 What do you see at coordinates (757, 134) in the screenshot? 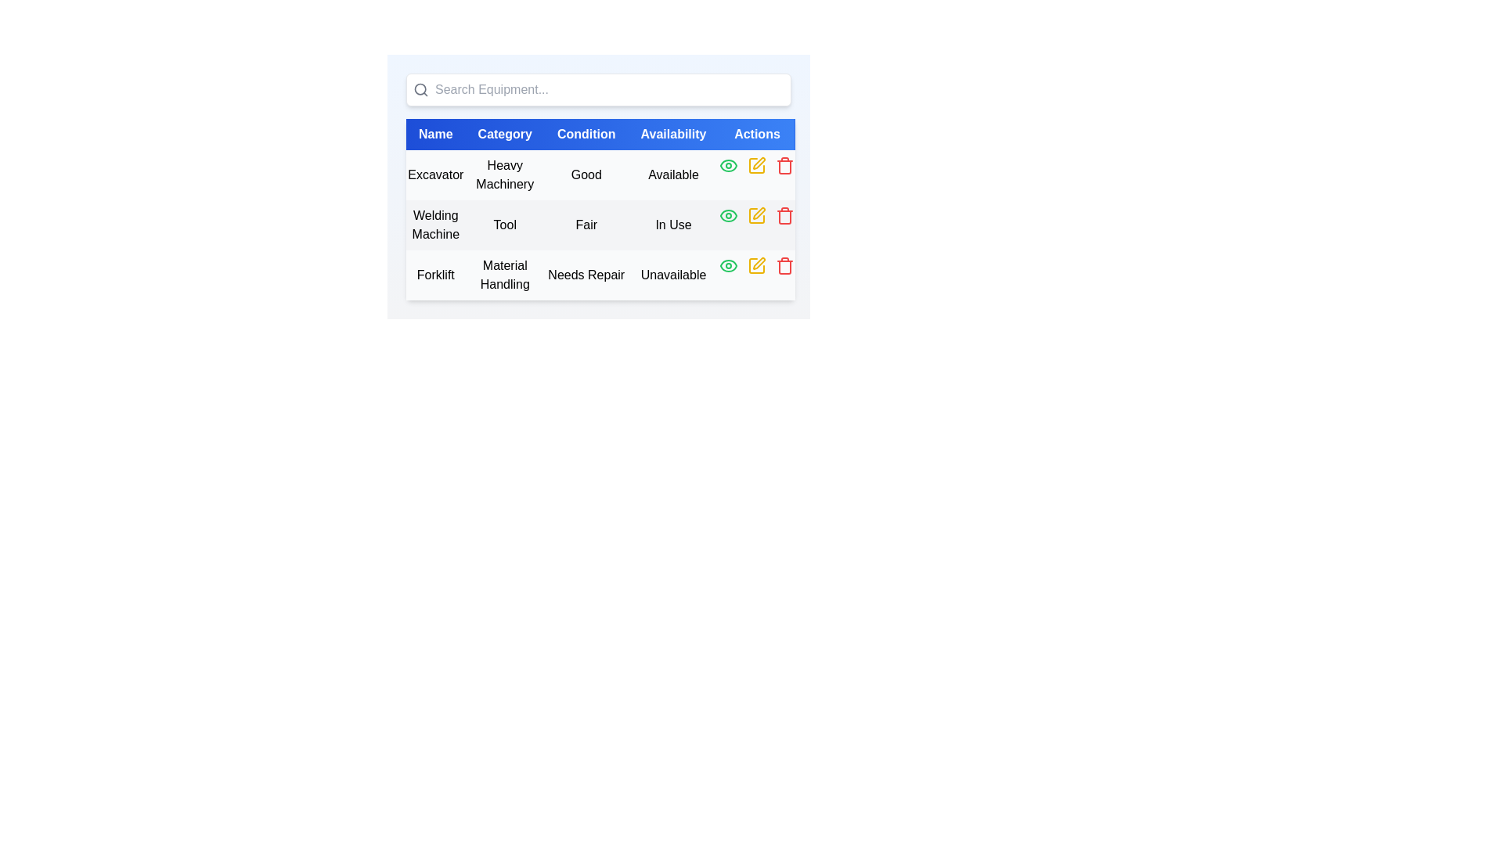
I see `the 'Actions' header cell, which is the fifth column header in the table, displaying bold white text on a blue background` at bounding box center [757, 134].